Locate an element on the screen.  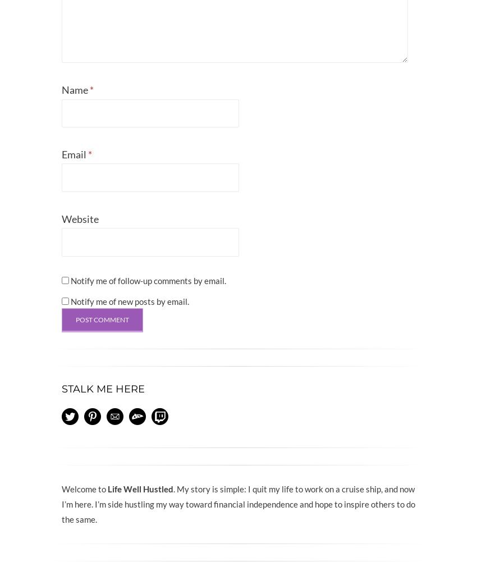
'Stalk Me Here' is located at coordinates (61, 389).